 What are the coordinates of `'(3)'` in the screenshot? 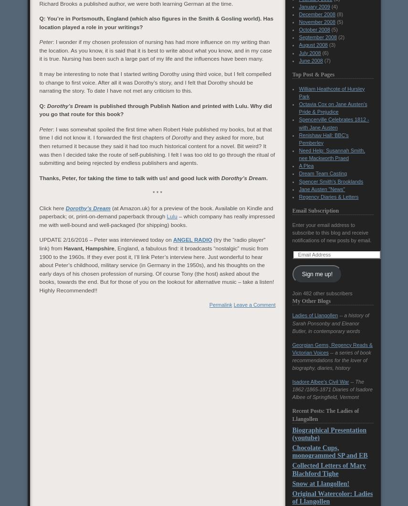 It's located at (331, 45).